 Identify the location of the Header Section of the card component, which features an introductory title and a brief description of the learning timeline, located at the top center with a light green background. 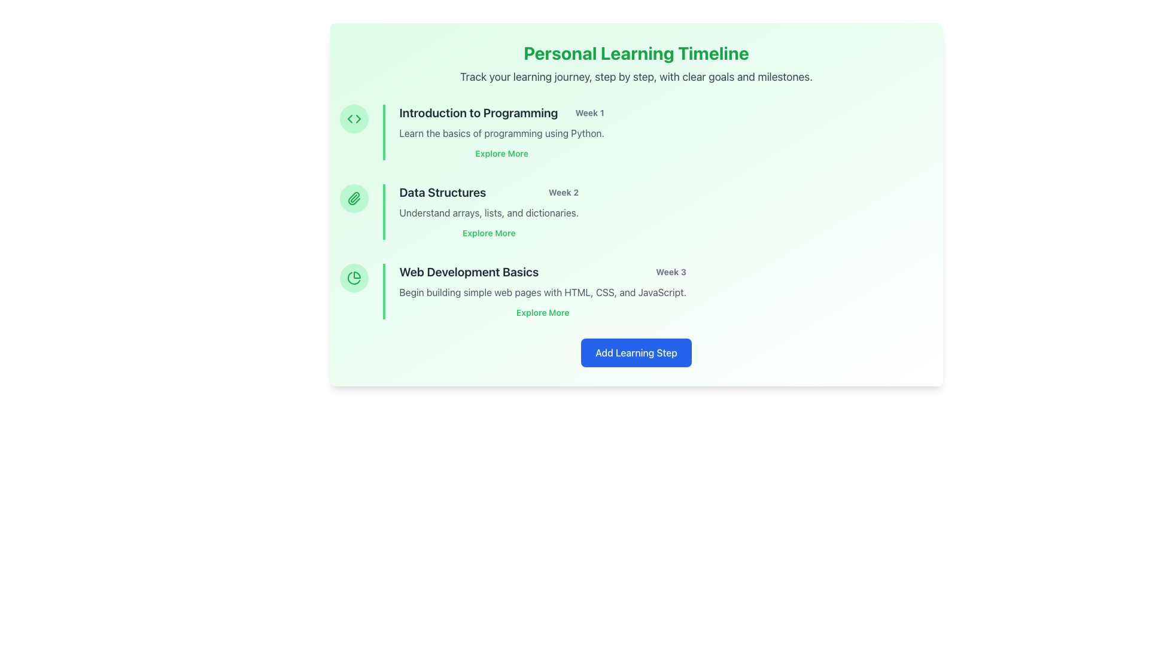
(636, 64).